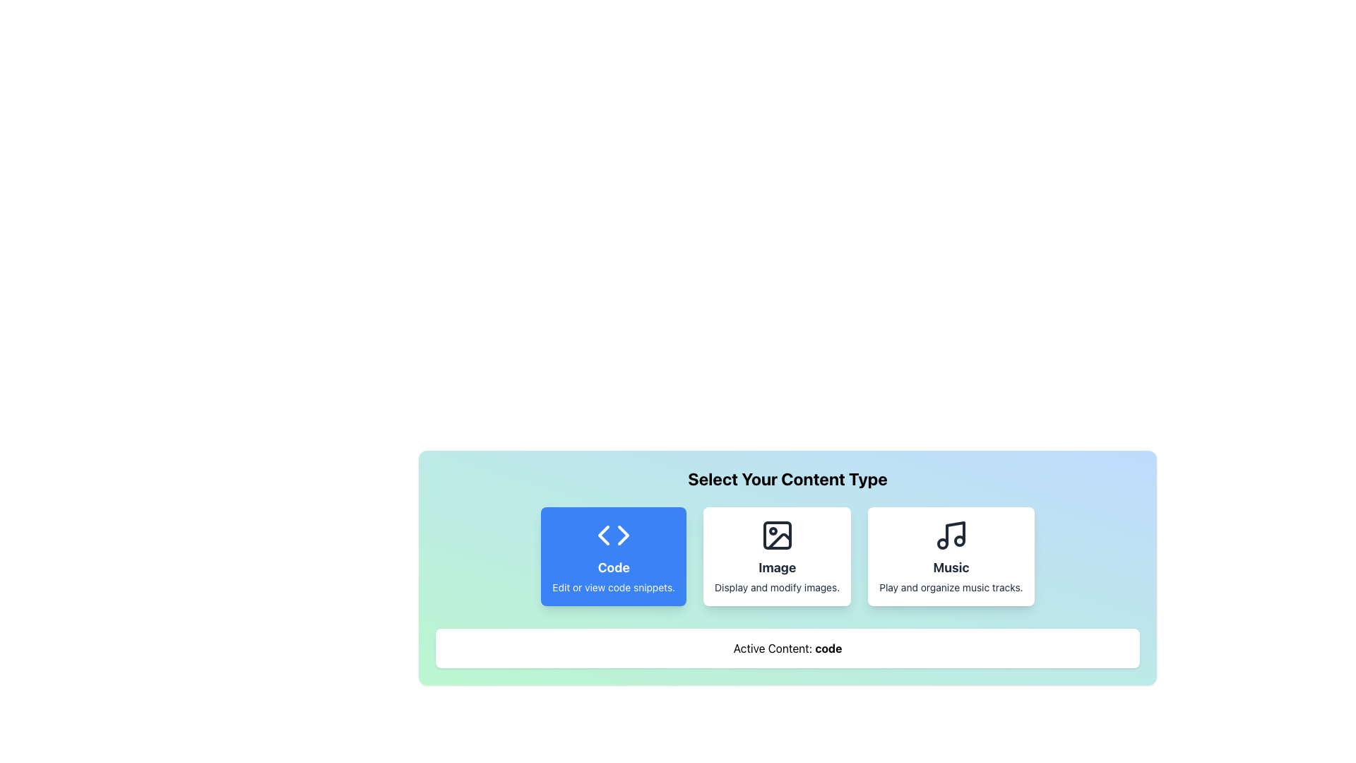  I want to click on the text label that says 'Play and organize music tracks.', which is centered below the title 'Music' in the third clickable box under the 'Music' category, so click(951, 588).